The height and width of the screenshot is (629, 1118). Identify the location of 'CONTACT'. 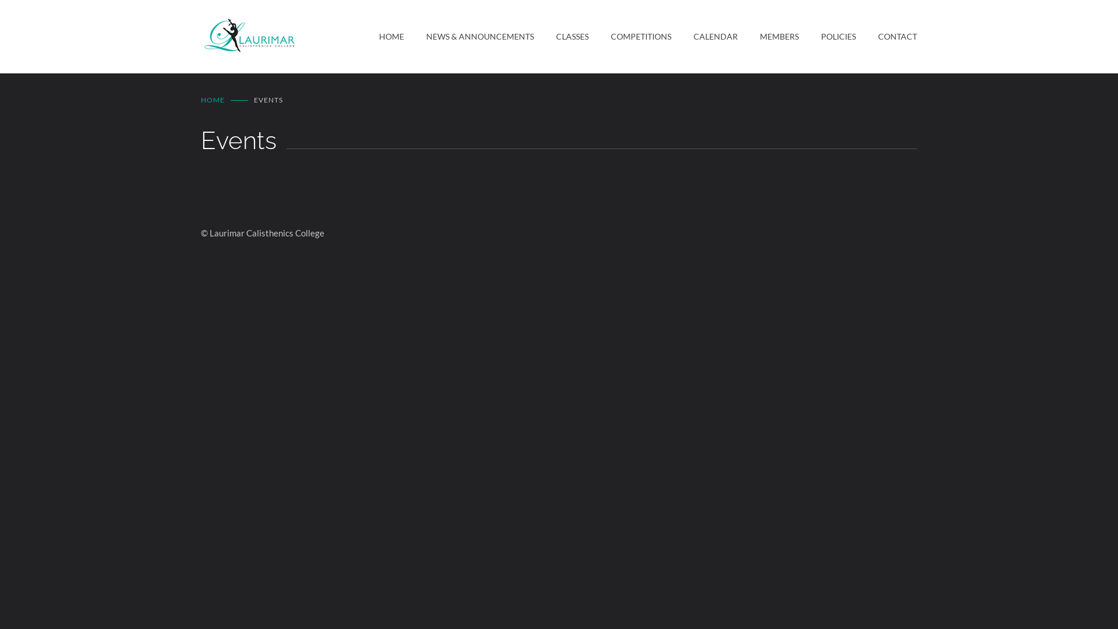
(886, 36).